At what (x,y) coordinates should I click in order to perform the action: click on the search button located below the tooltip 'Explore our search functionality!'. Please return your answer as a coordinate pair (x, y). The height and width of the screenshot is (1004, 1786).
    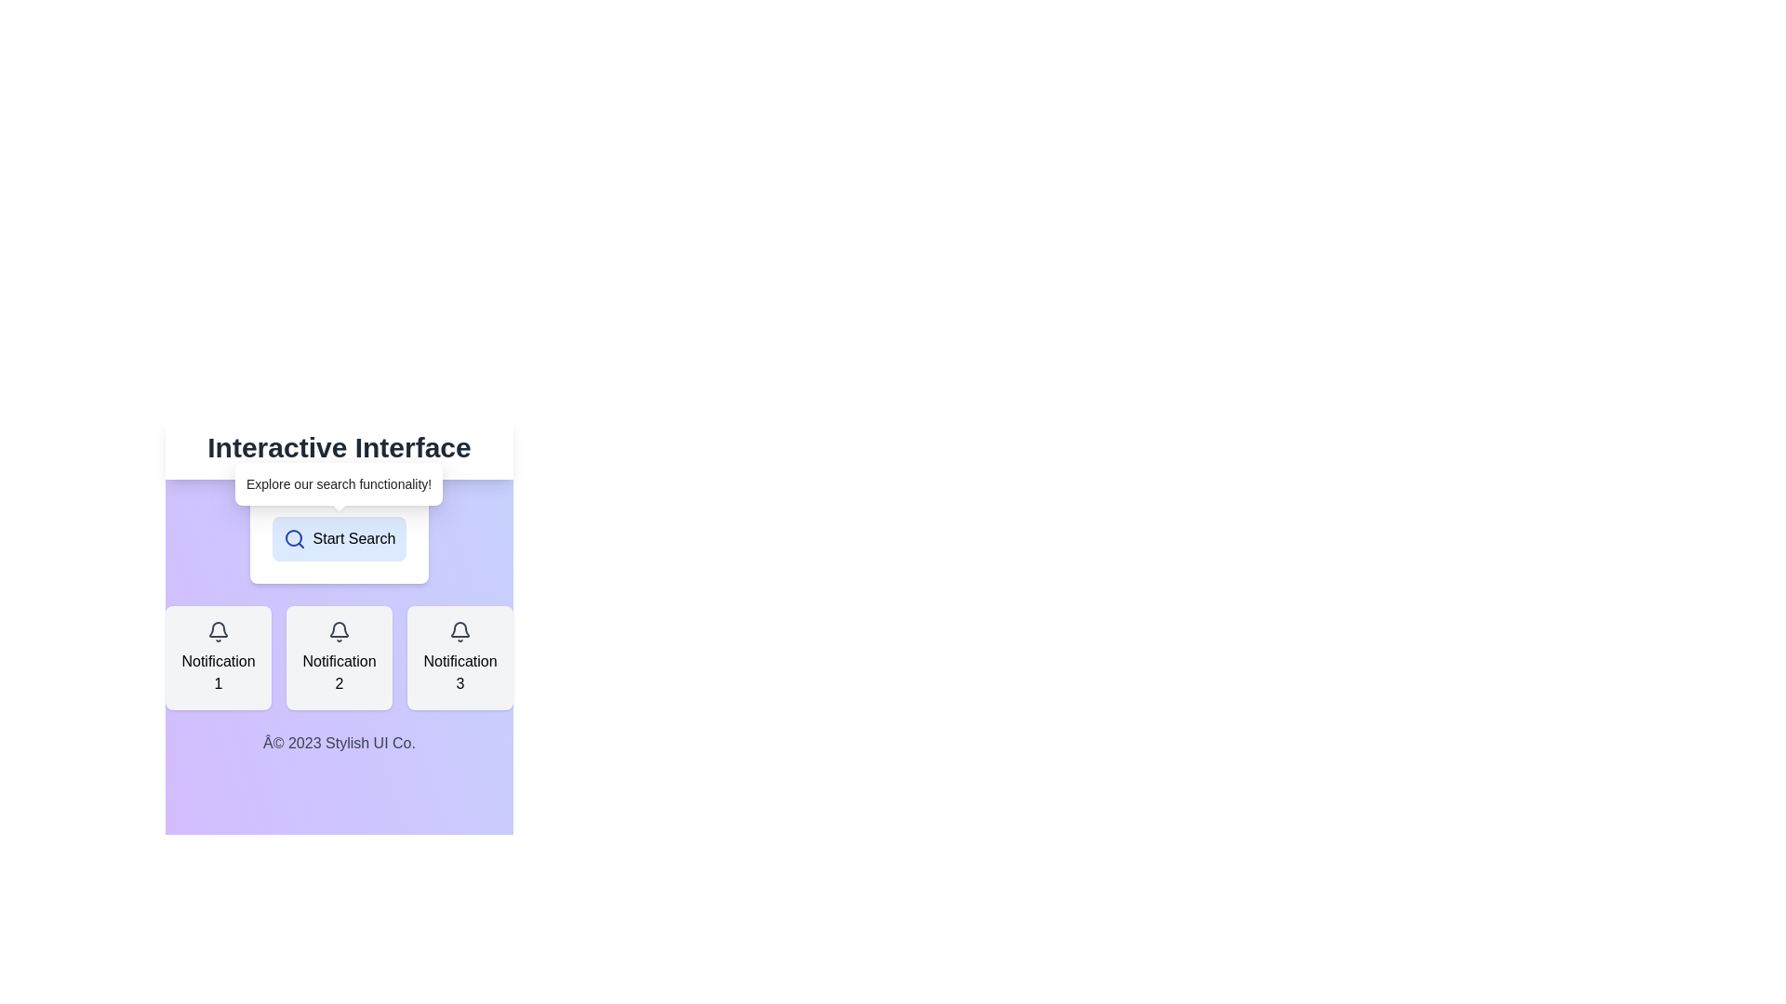
    Looking at the image, I should click on (339, 538).